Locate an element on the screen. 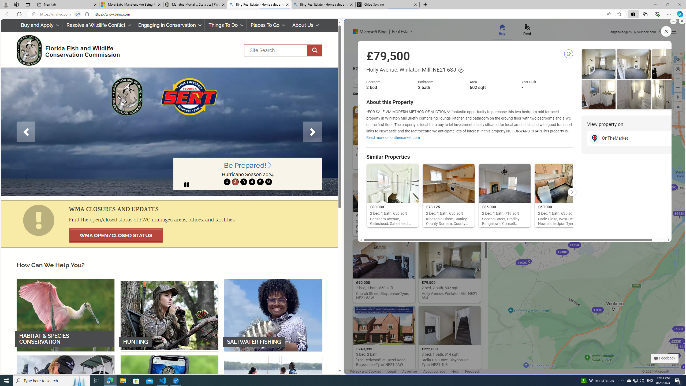 The image size is (686, 386). 'Previous' is located at coordinates (26, 132).